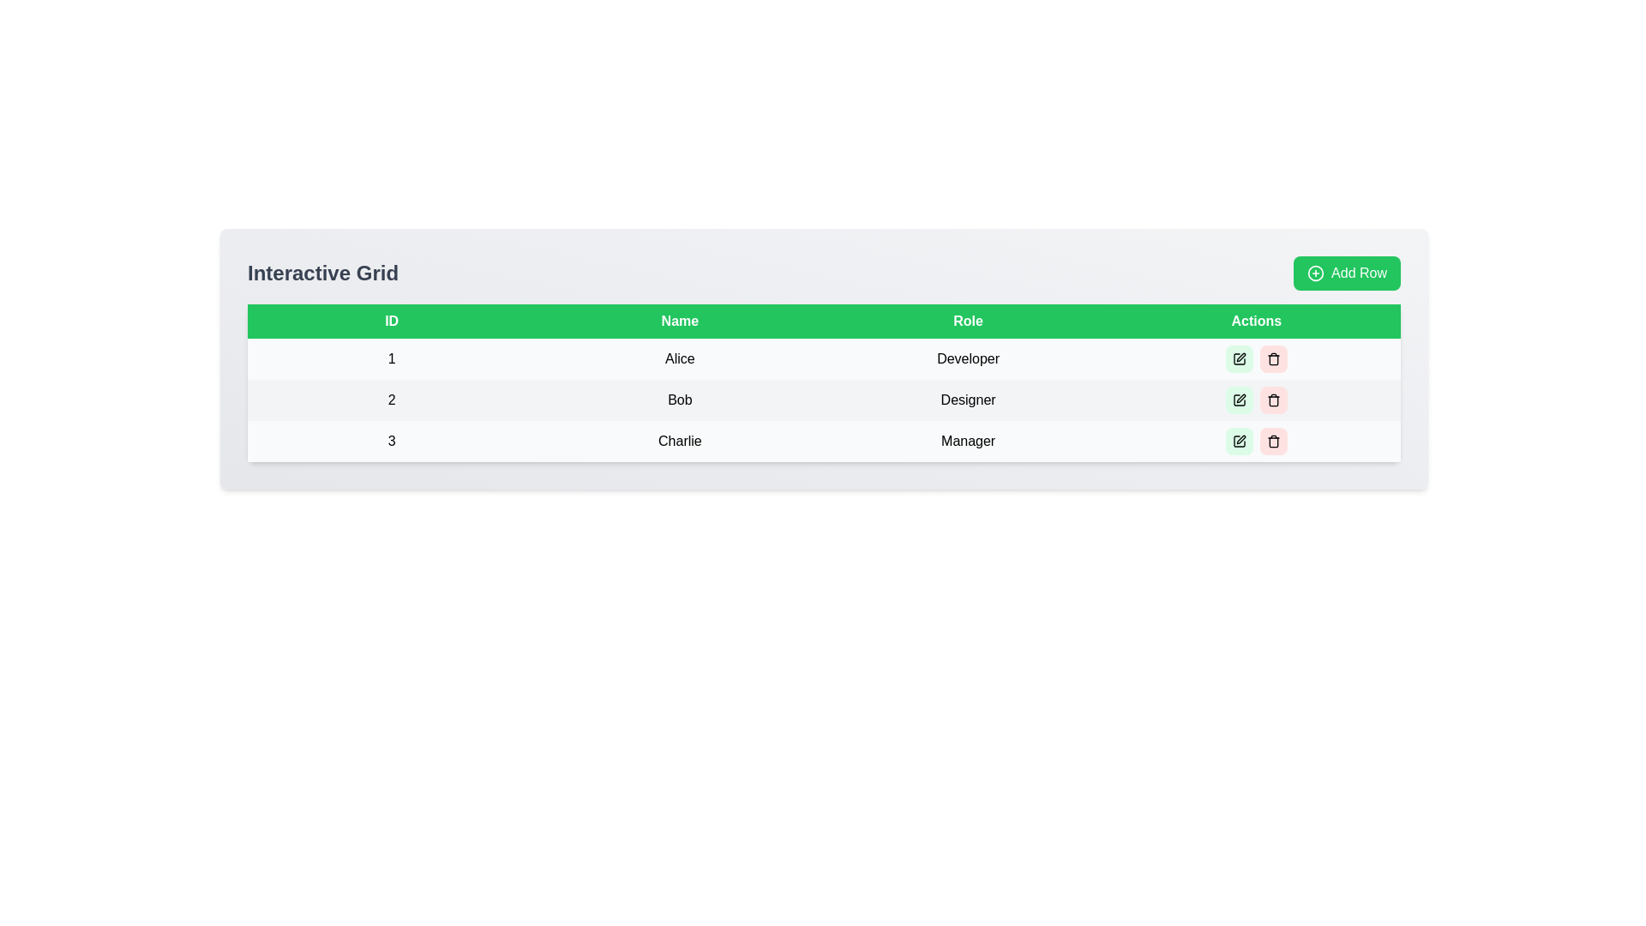 The width and height of the screenshot is (1646, 926). Describe the element at coordinates (1256, 400) in the screenshot. I see `the circular icon located between the edit and delete buttons in the 'Actions' column of the second row of the 'Interactive Grid', which corresponds to the 'Designer' role` at that location.